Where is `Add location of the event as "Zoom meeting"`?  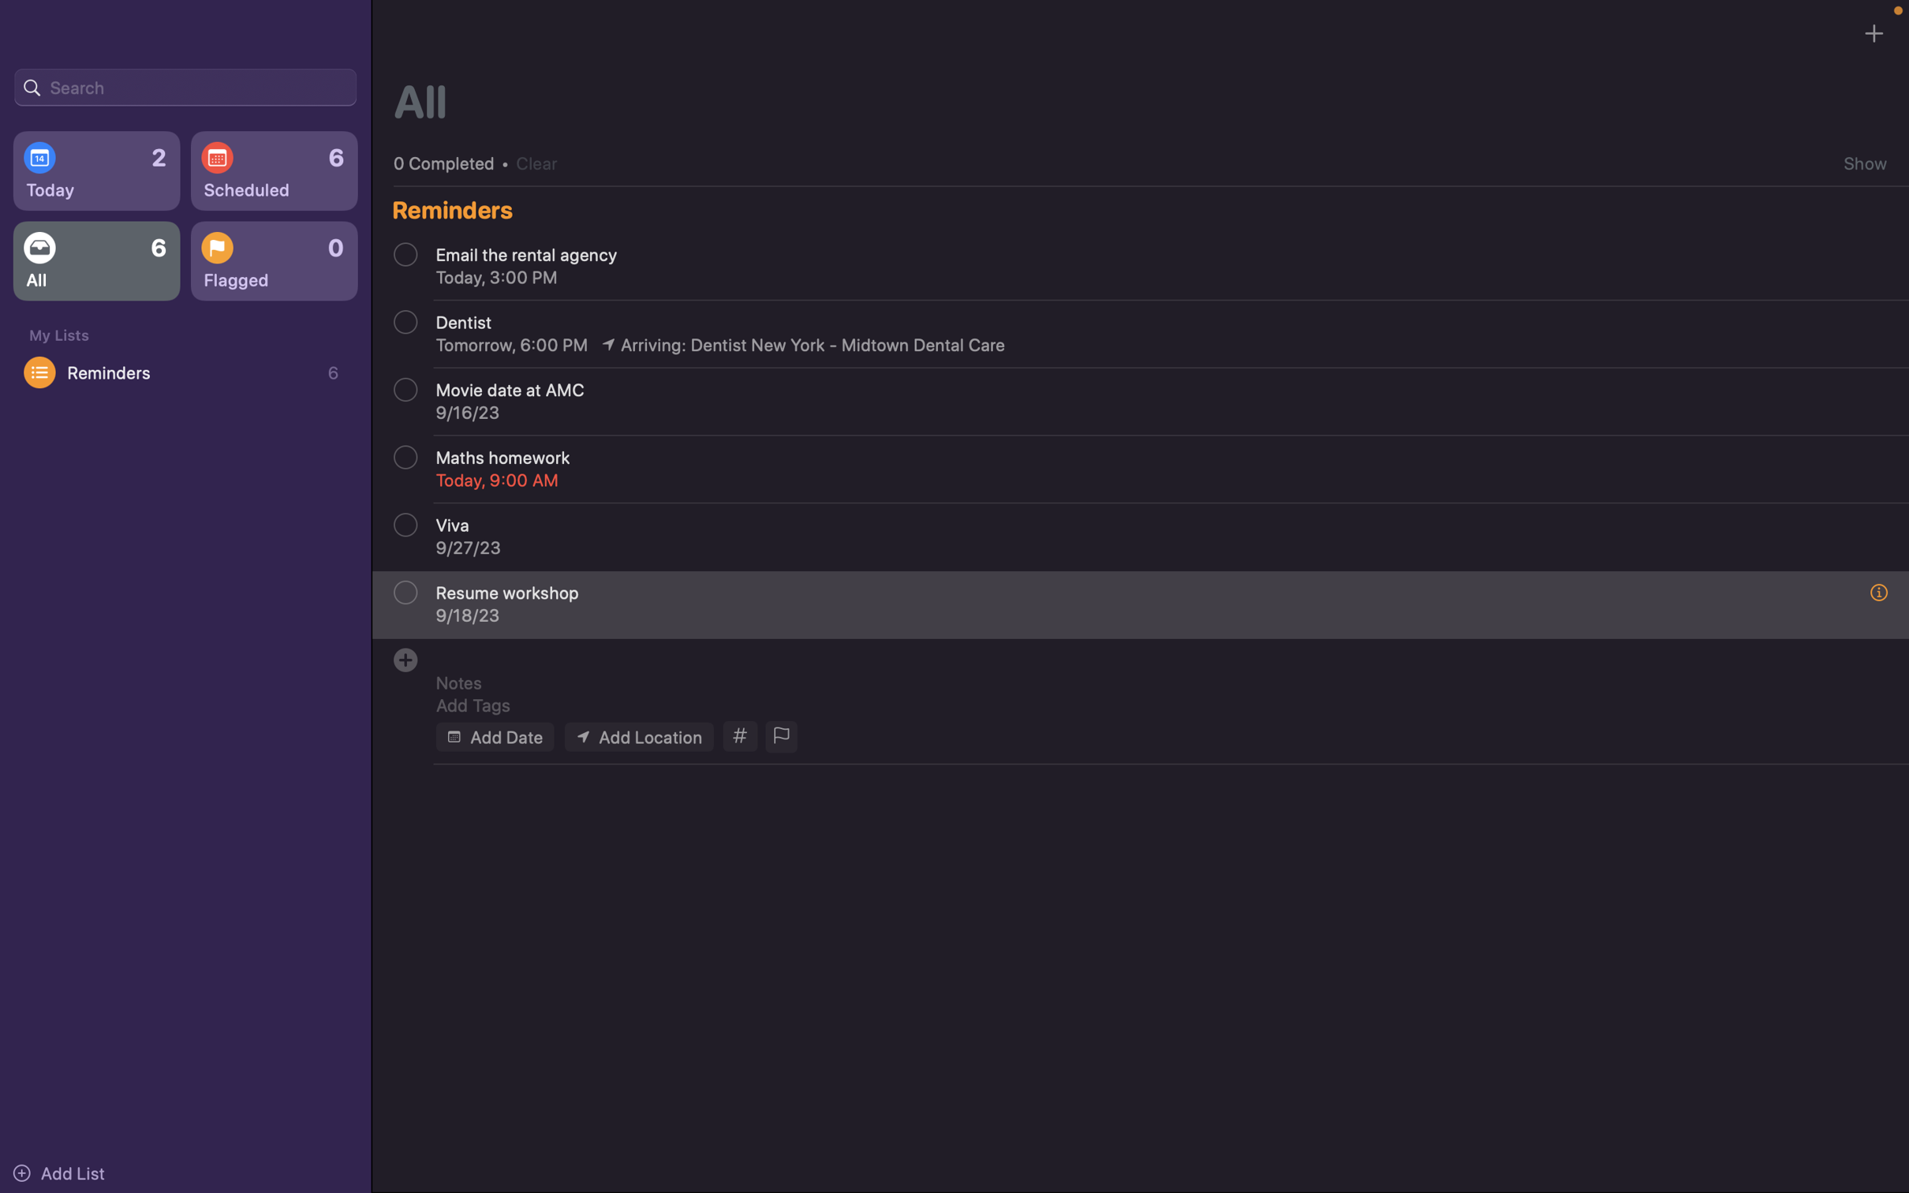
Add location of the event as "Zoom meeting" is located at coordinates (637, 735).